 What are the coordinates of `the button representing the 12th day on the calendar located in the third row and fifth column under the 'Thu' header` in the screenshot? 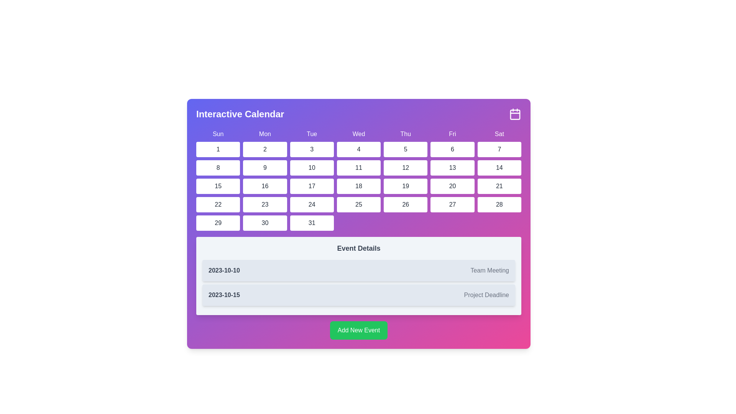 It's located at (405, 168).